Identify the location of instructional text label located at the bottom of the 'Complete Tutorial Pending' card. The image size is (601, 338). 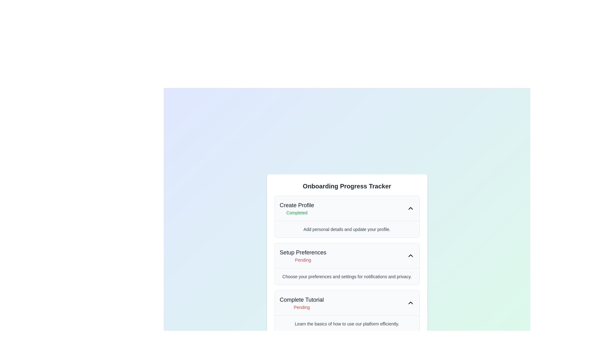
(347, 324).